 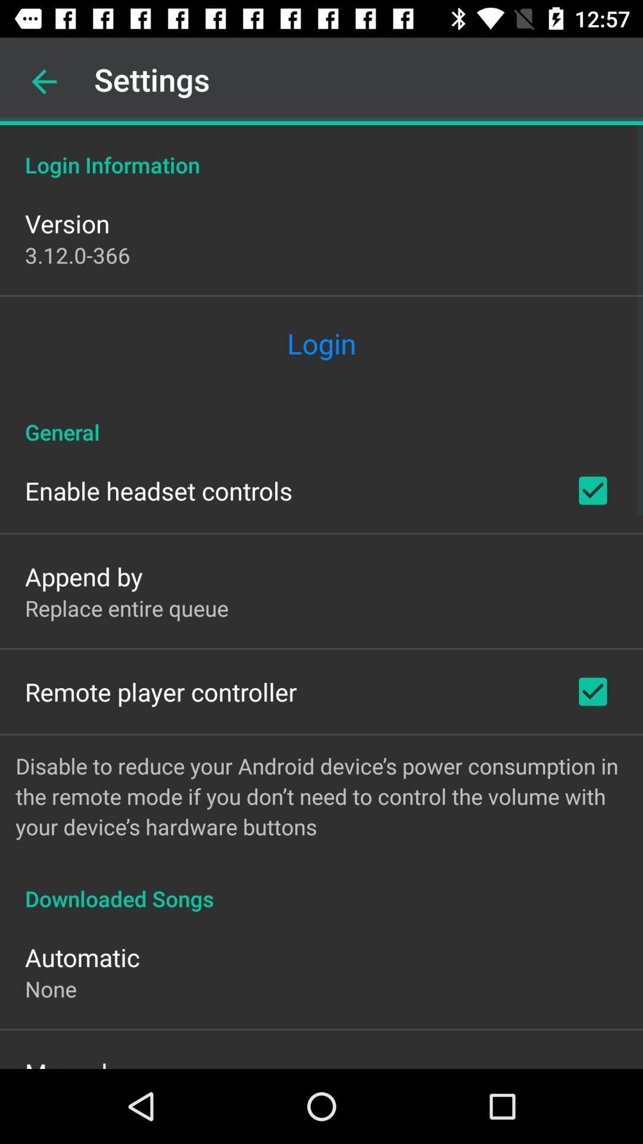 What do you see at coordinates (43, 81) in the screenshot?
I see `the icon above the login information` at bounding box center [43, 81].